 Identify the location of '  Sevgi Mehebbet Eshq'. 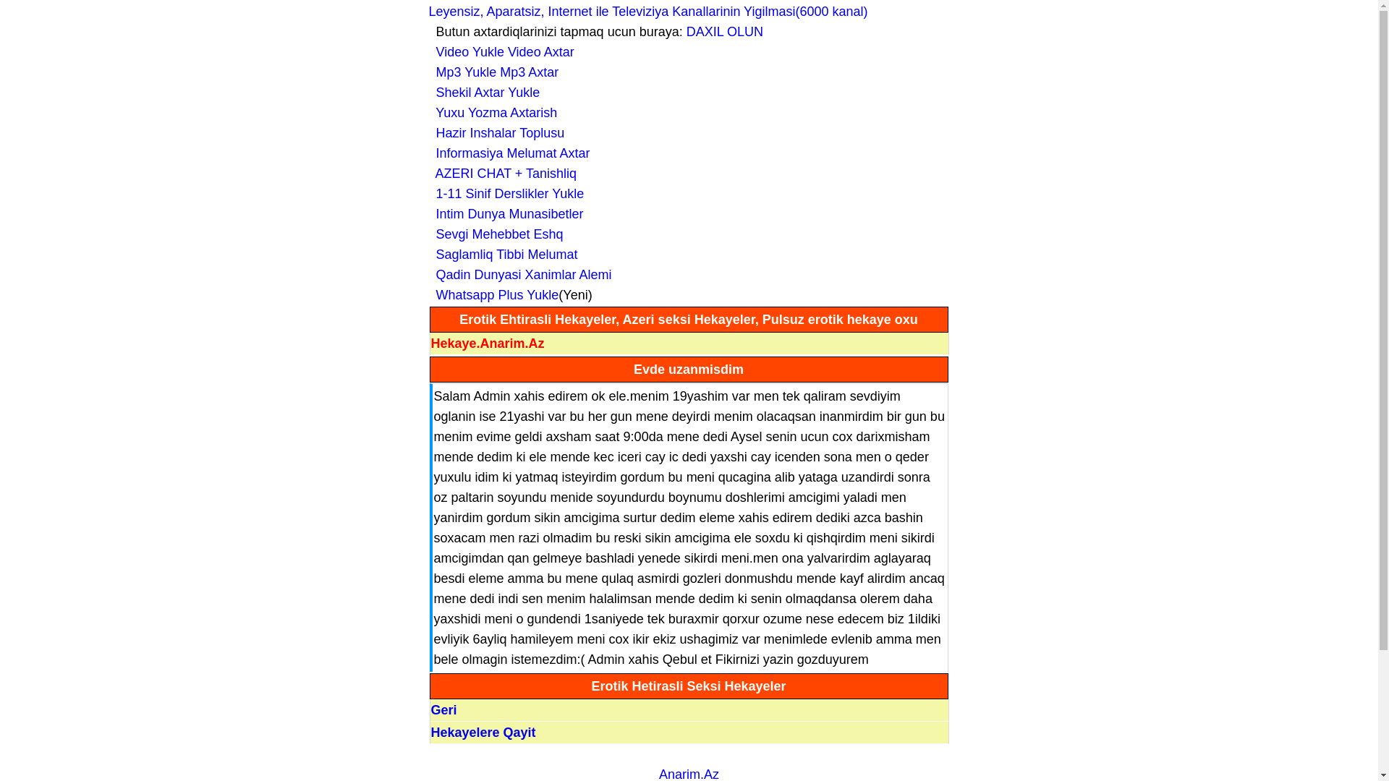
(496, 234).